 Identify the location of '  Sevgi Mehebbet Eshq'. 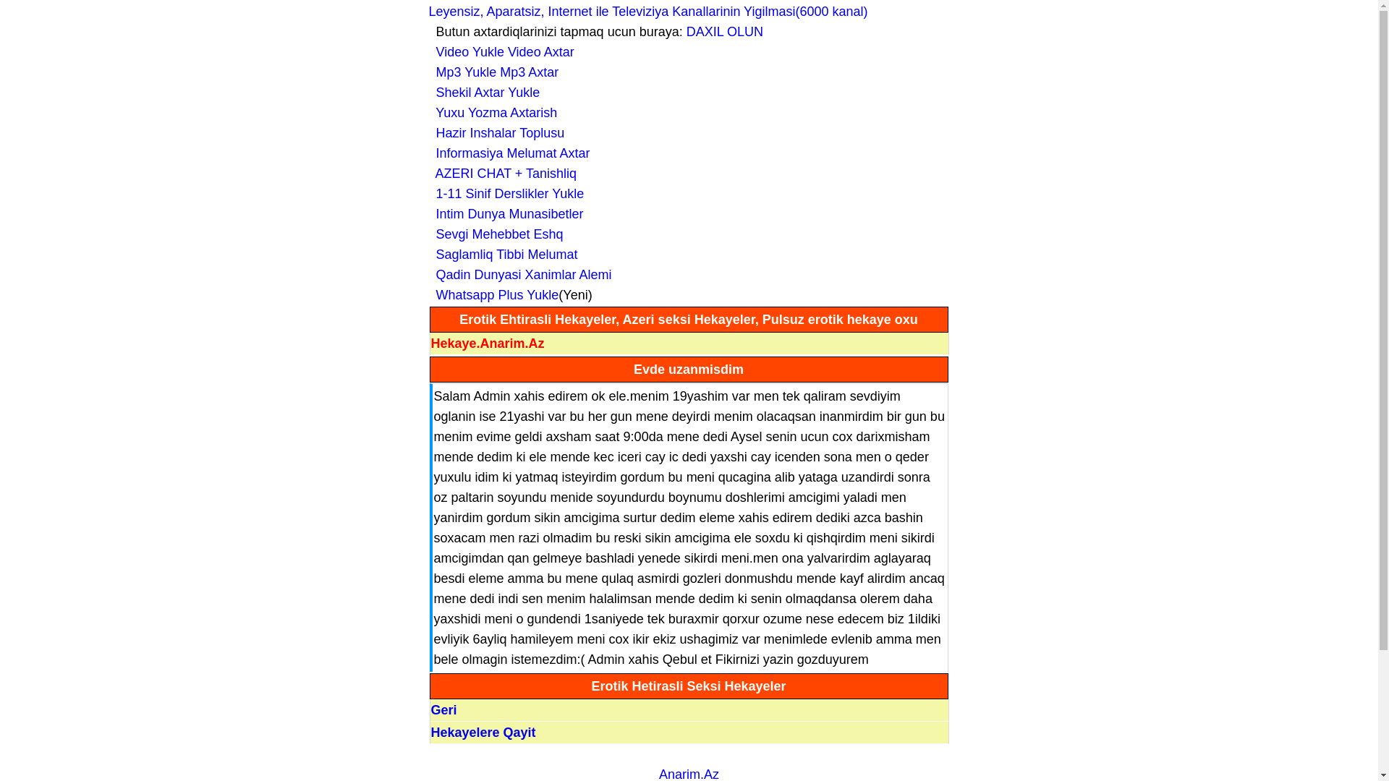
(496, 234).